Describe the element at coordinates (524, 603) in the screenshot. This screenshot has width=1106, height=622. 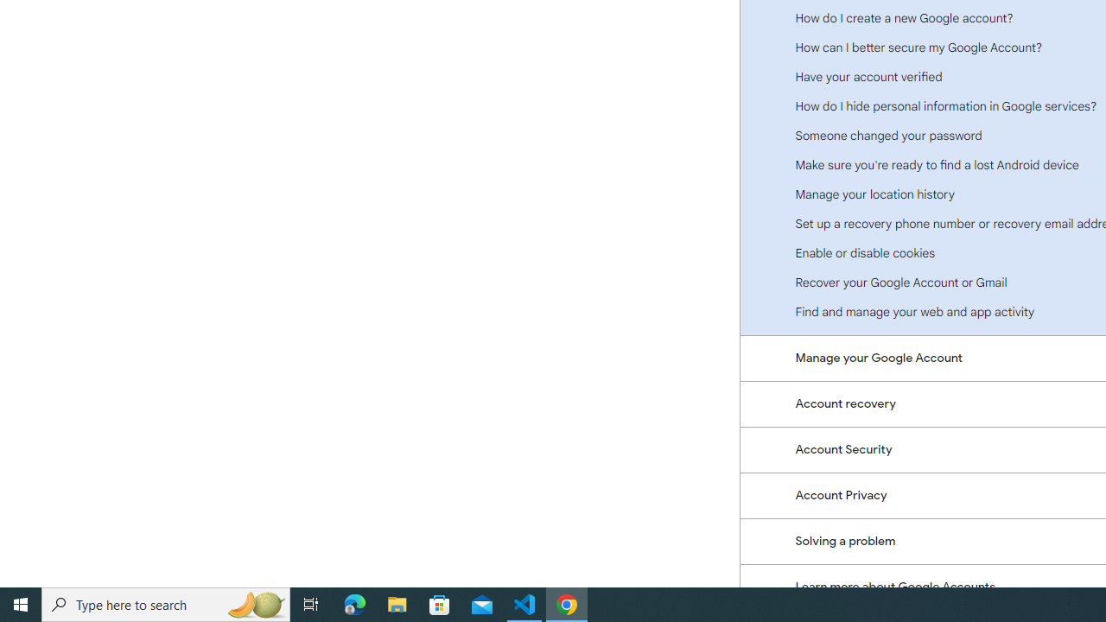
I see `'Visual Studio Code - 1 running window'` at that location.